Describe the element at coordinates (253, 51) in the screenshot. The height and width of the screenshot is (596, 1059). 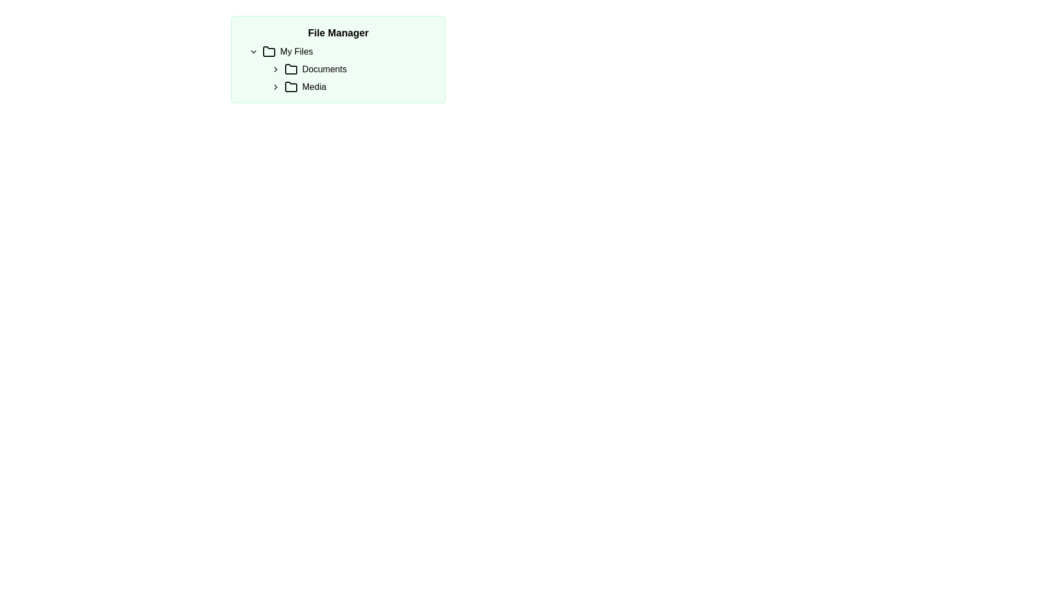
I see `the Icon button located to the left of the 'My Files' text in the 'File Manager' section` at that location.